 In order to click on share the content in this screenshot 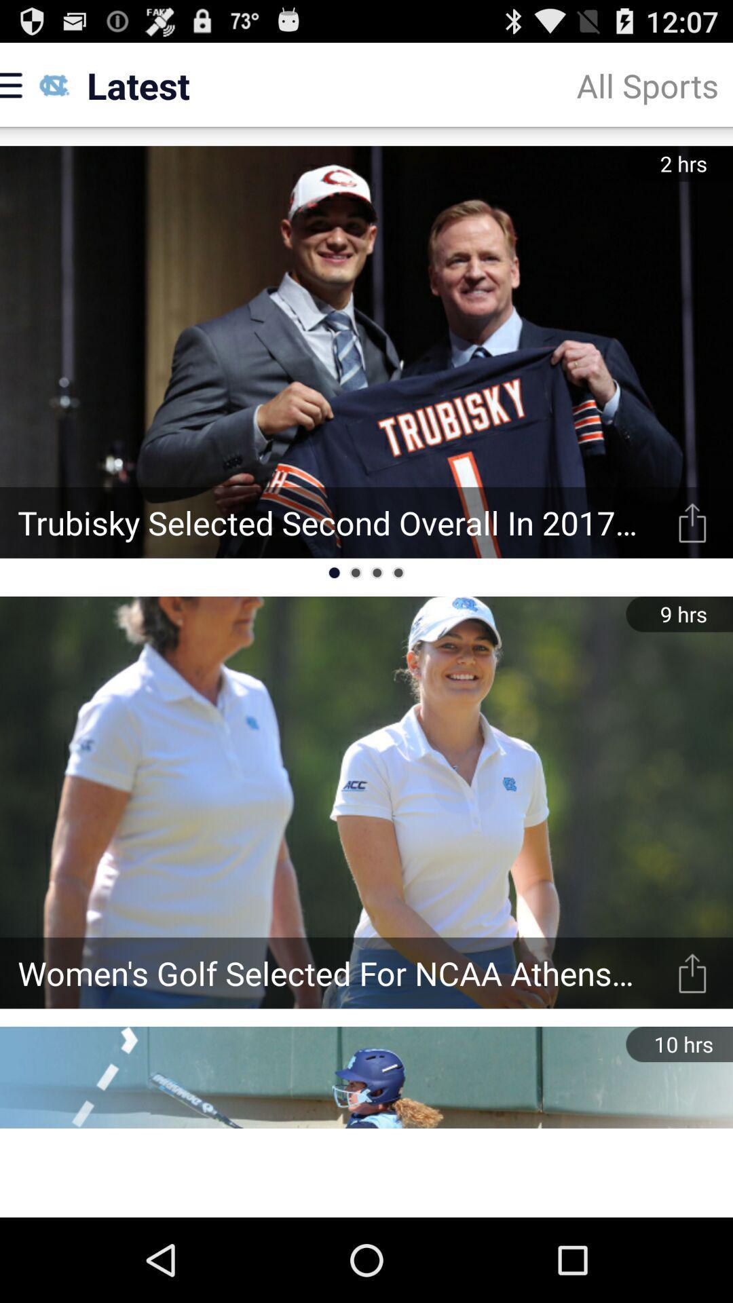, I will do `click(692, 522)`.